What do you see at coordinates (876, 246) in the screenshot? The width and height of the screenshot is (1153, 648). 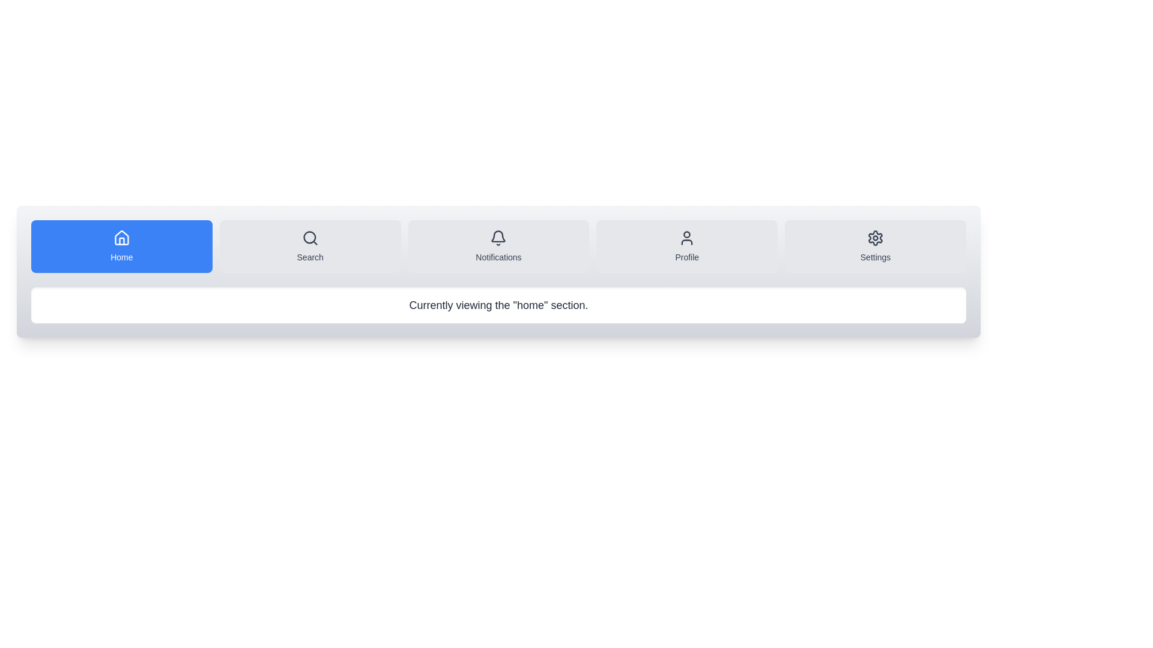 I see `the 'Settings' button, which is the fifth button in a horizontal grid, featuring a gray background, rounded corners, and a cogwheel icon above the text 'Settings'` at bounding box center [876, 246].